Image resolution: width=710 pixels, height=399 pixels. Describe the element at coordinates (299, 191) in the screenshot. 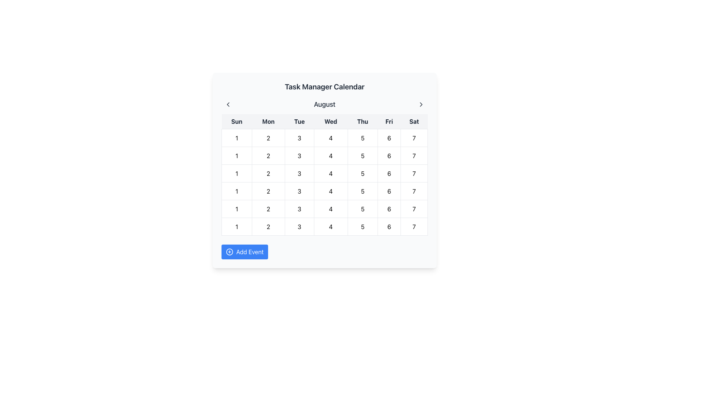

I see `the calendar date cell displaying the number '3' located under the Tuesday column in the second week row` at that location.